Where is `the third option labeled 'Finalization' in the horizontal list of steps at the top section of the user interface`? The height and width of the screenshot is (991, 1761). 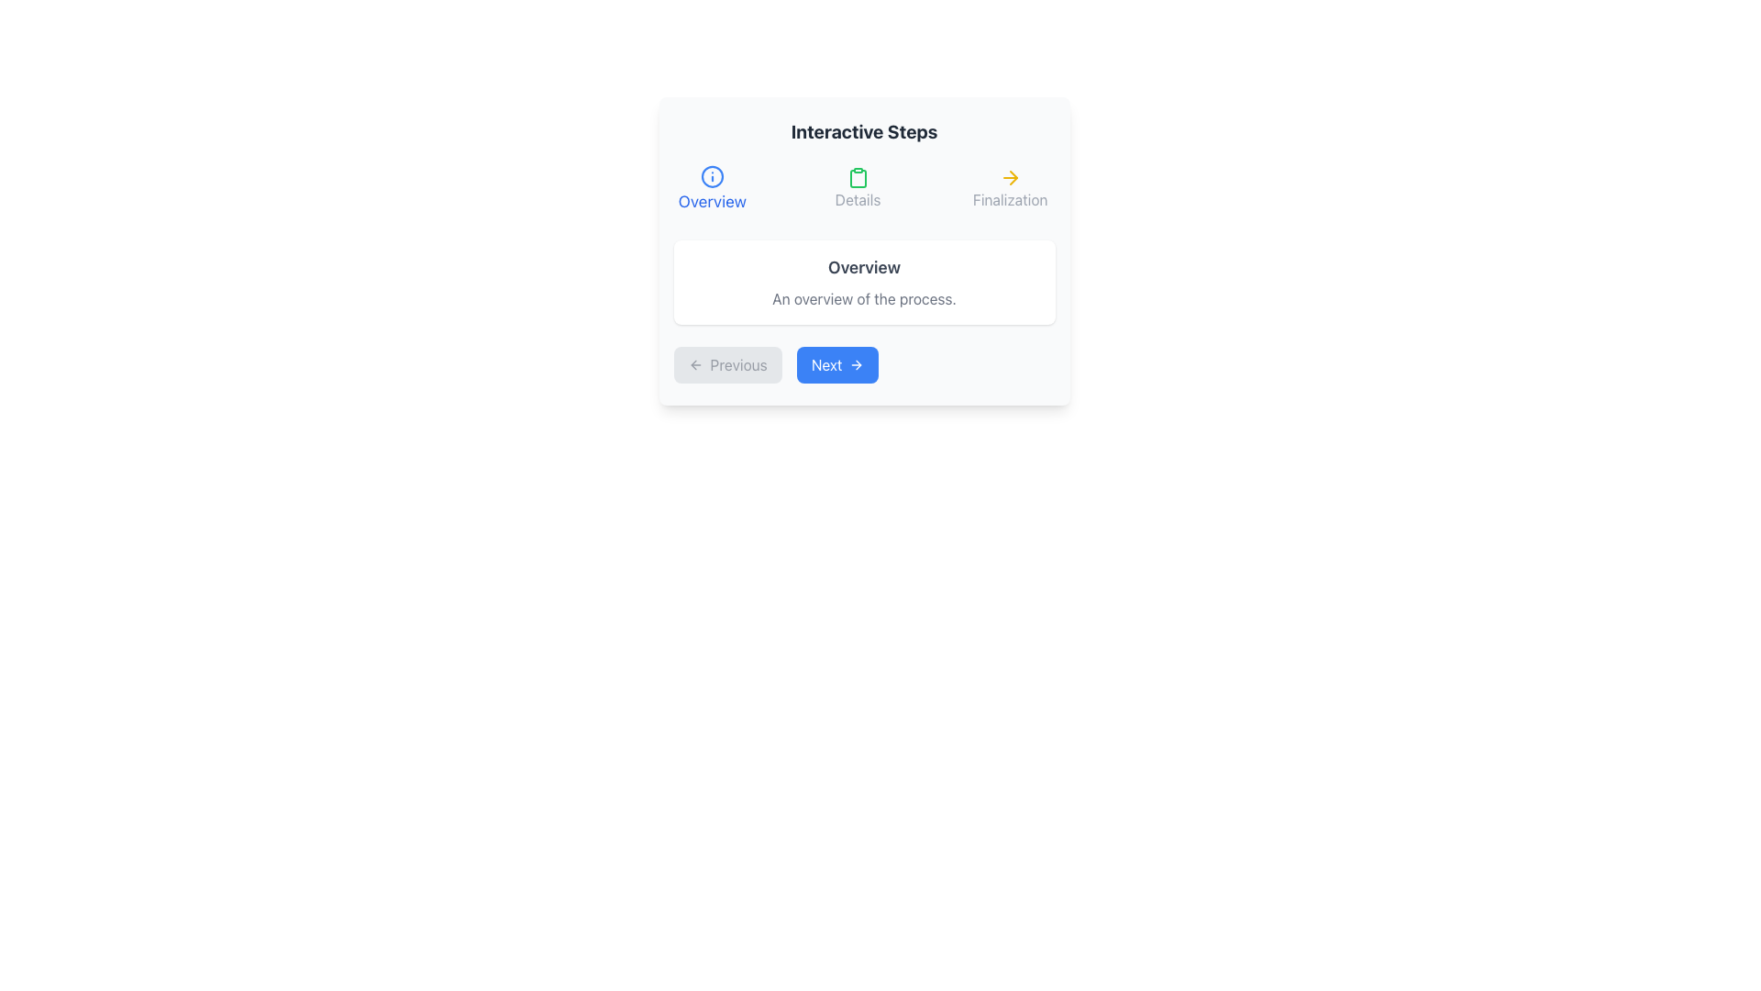 the third option labeled 'Finalization' in the horizontal list of steps at the top section of the user interface is located at coordinates (1009, 188).